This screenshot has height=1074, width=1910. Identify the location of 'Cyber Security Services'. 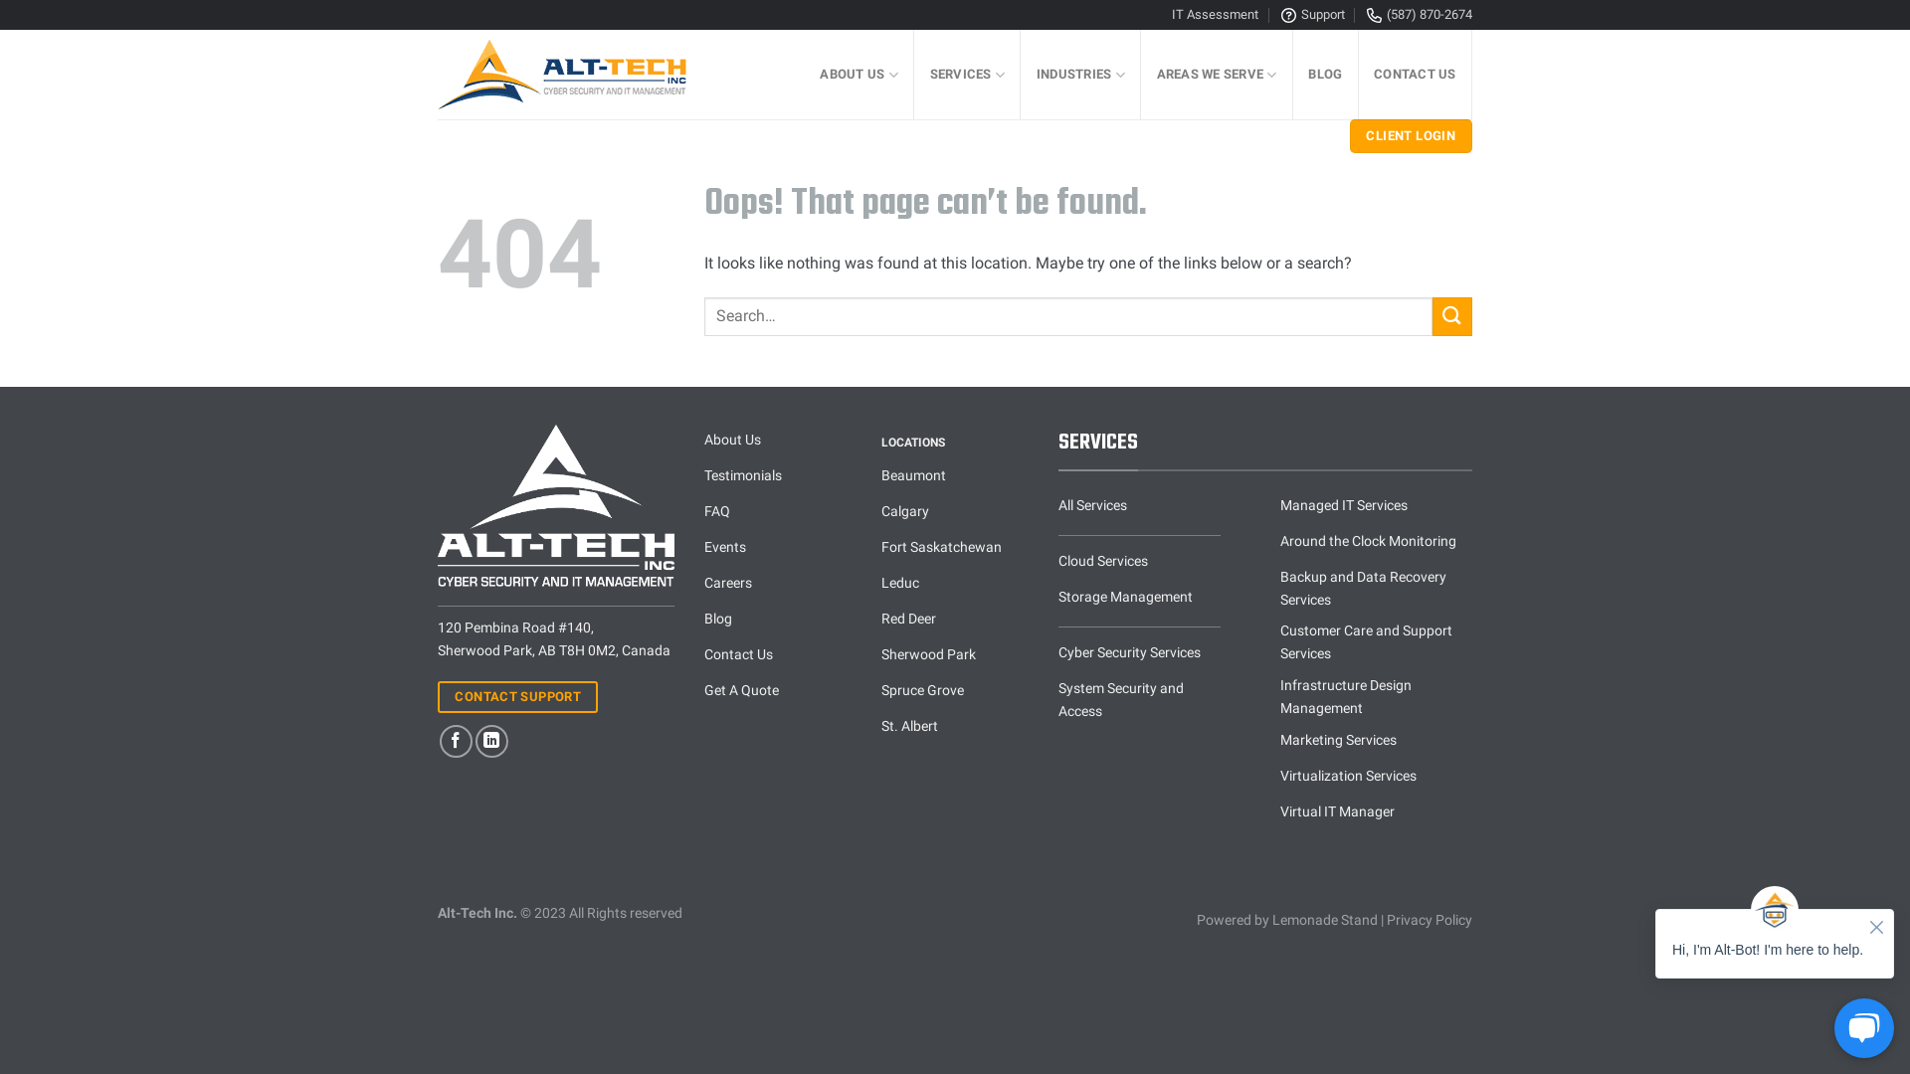
(1139, 655).